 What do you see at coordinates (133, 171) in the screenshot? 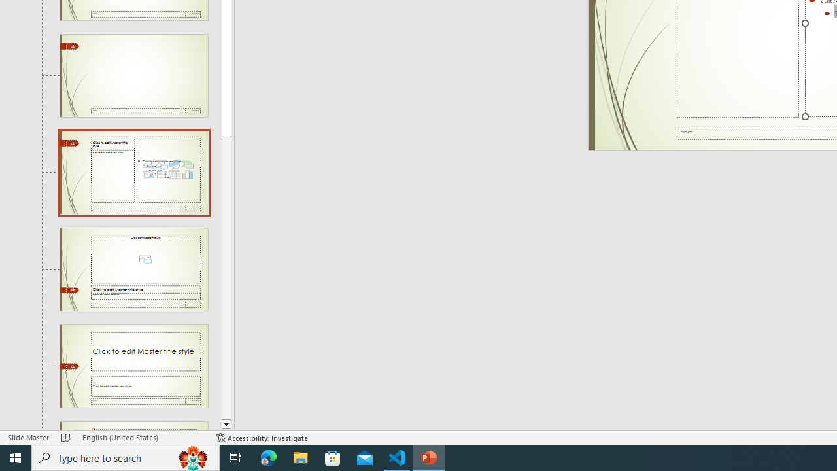
I see `'Slide Content with Caption Layout: used by no slides'` at bounding box center [133, 171].